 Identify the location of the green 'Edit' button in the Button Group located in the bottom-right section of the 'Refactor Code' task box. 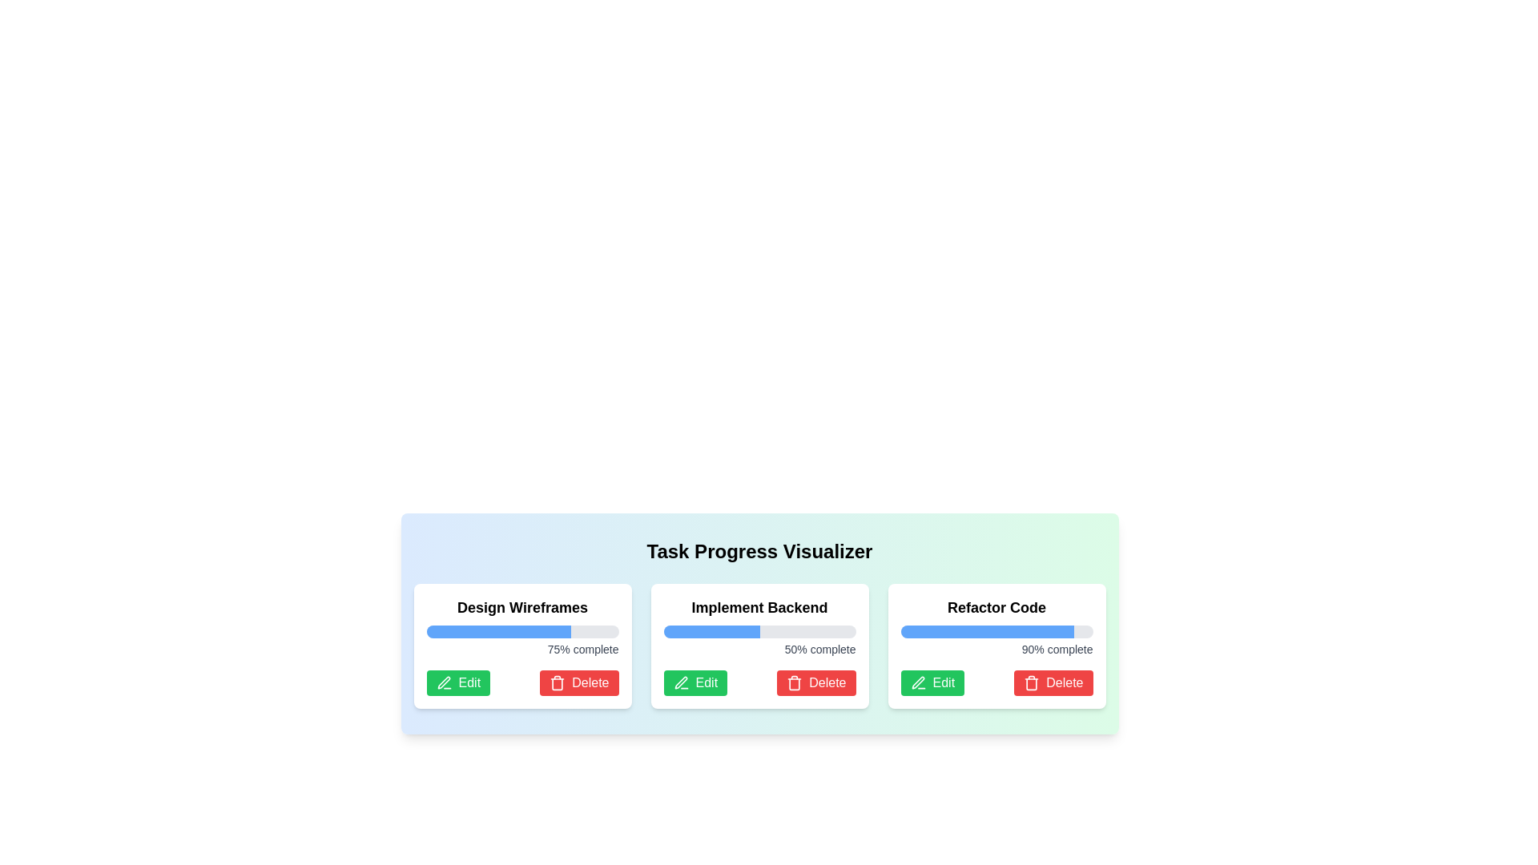
(996, 682).